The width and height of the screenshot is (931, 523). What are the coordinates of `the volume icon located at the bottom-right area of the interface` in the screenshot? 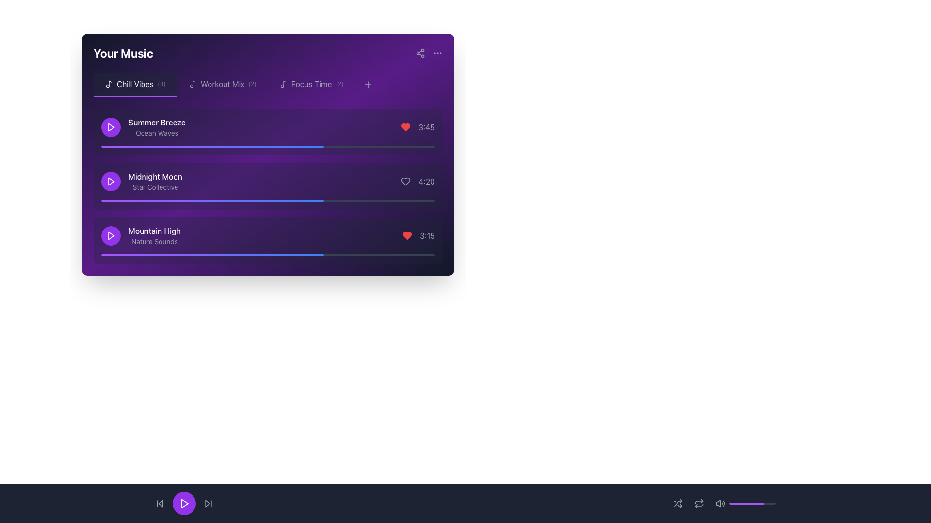 It's located at (721, 503).